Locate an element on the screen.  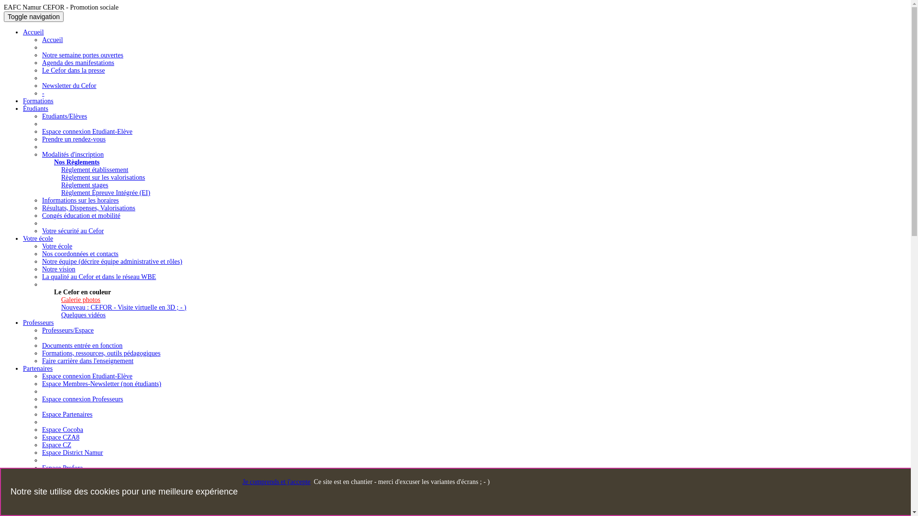
'Toggle navigation' is located at coordinates (33, 16).